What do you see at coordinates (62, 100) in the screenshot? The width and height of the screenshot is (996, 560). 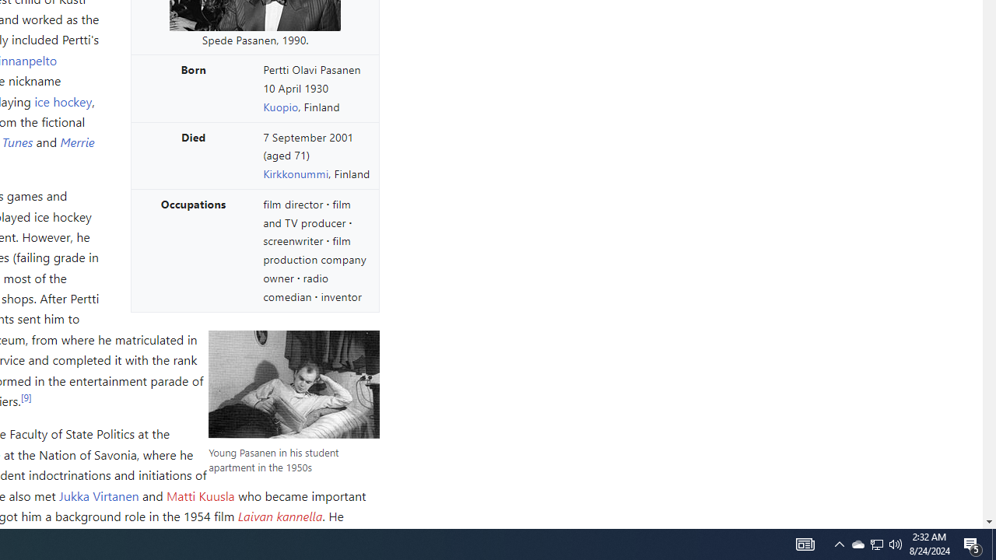 I see `'ice hockey'` at bounding box center [62, 100].